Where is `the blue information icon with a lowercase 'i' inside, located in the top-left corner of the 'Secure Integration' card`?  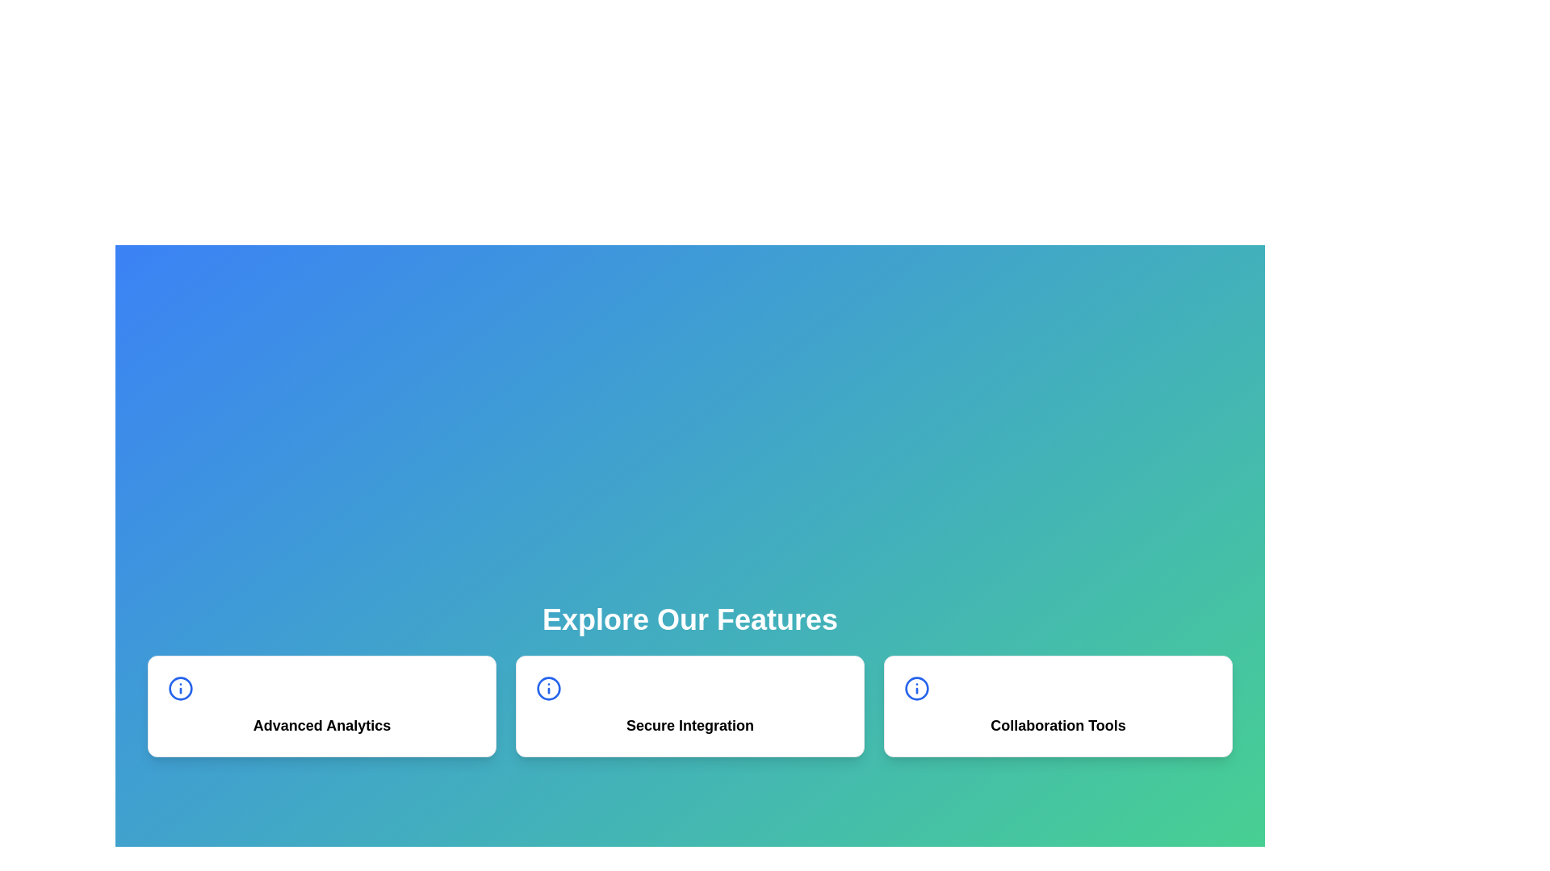
the blue information icon with a lowercase 'i' inside, located in the top-left corner of the 'Secure Integration' card is located at coordinates (549, 688).